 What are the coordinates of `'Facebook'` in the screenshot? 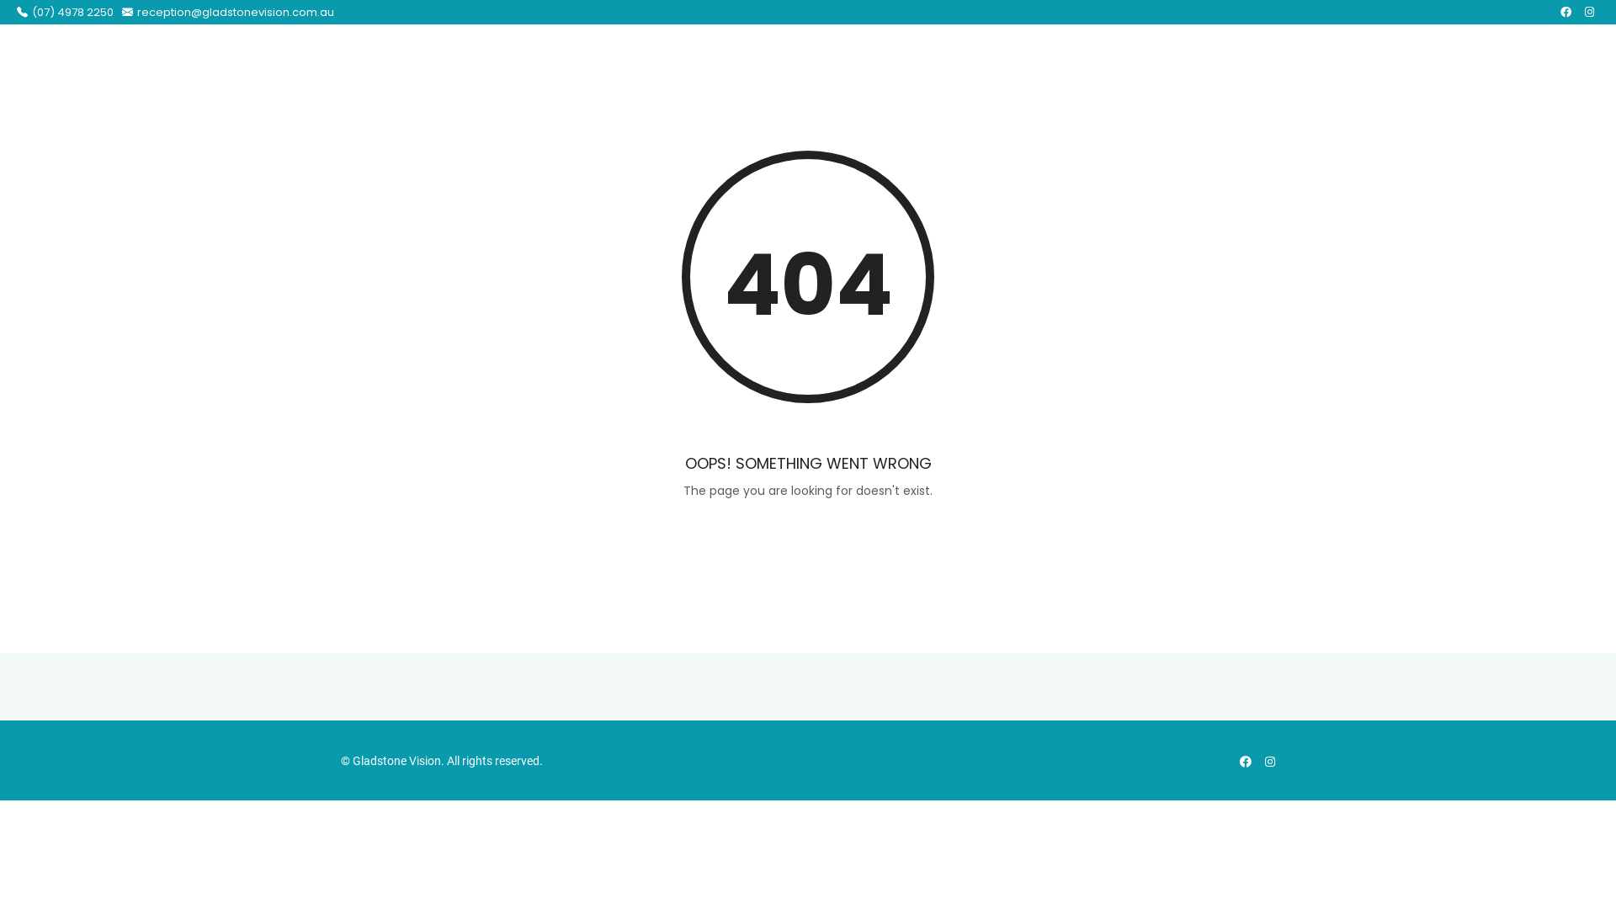 It's located at (1245, 760).